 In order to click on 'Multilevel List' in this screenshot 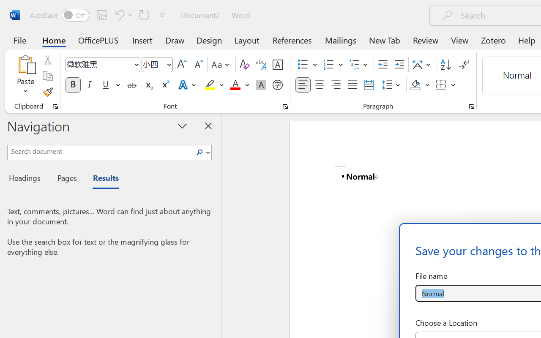, I will do `click(359, 65)`.